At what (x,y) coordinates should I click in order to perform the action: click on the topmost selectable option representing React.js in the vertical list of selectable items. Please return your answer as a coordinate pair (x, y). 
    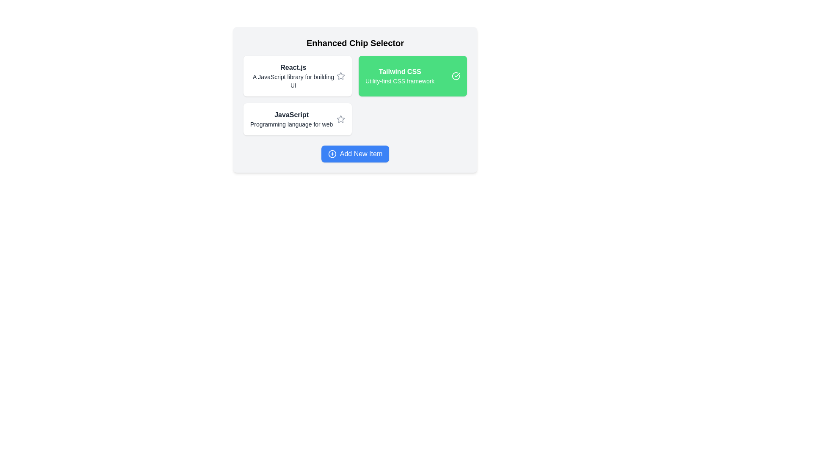
    Looking at the image, I should click on (293, 76).